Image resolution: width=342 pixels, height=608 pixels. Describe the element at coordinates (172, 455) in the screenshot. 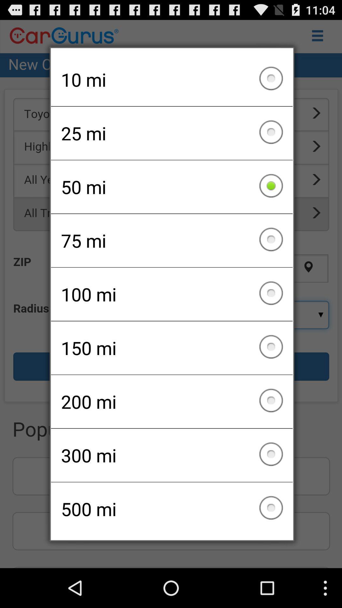

I see `item above 500 mi item` at that location.